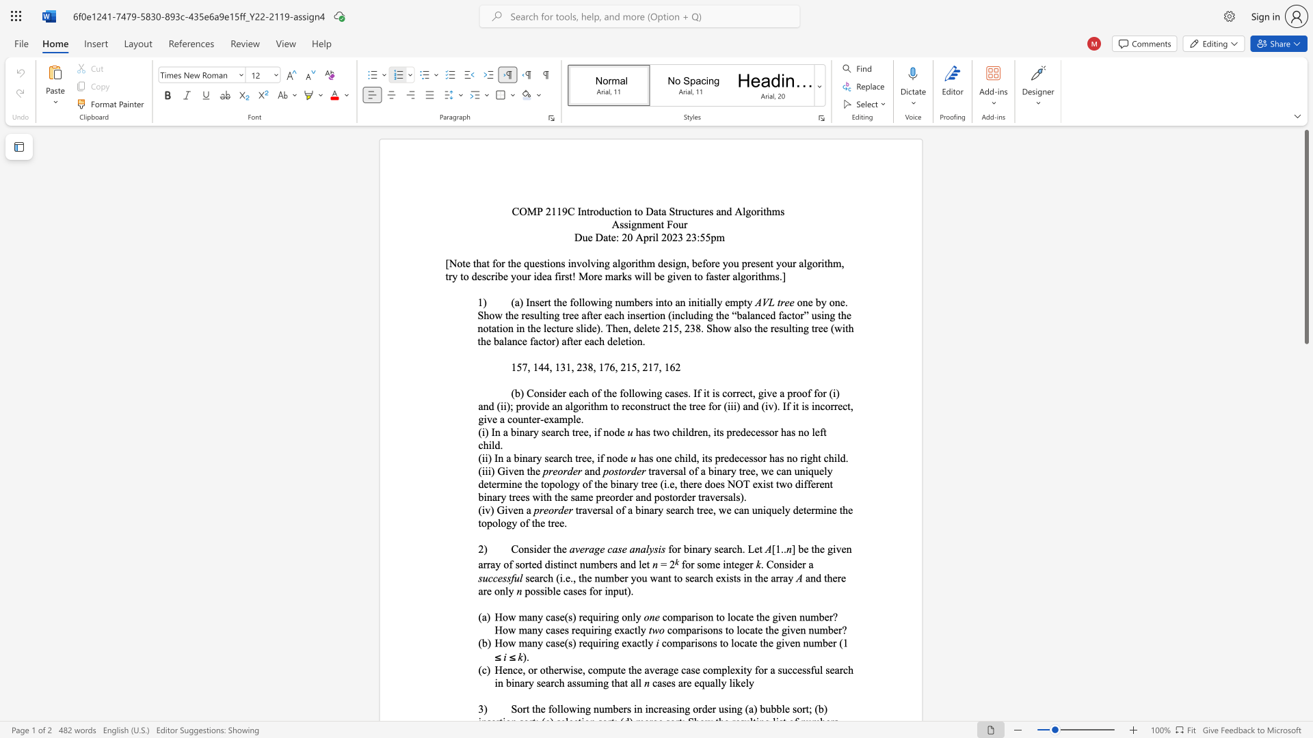 This screenshot has height=738, width=1313. What do you see at coordinates (654, 683) in the screenshot?
I see `the 1th character "c" in the text` at bounding box center [654, 683].